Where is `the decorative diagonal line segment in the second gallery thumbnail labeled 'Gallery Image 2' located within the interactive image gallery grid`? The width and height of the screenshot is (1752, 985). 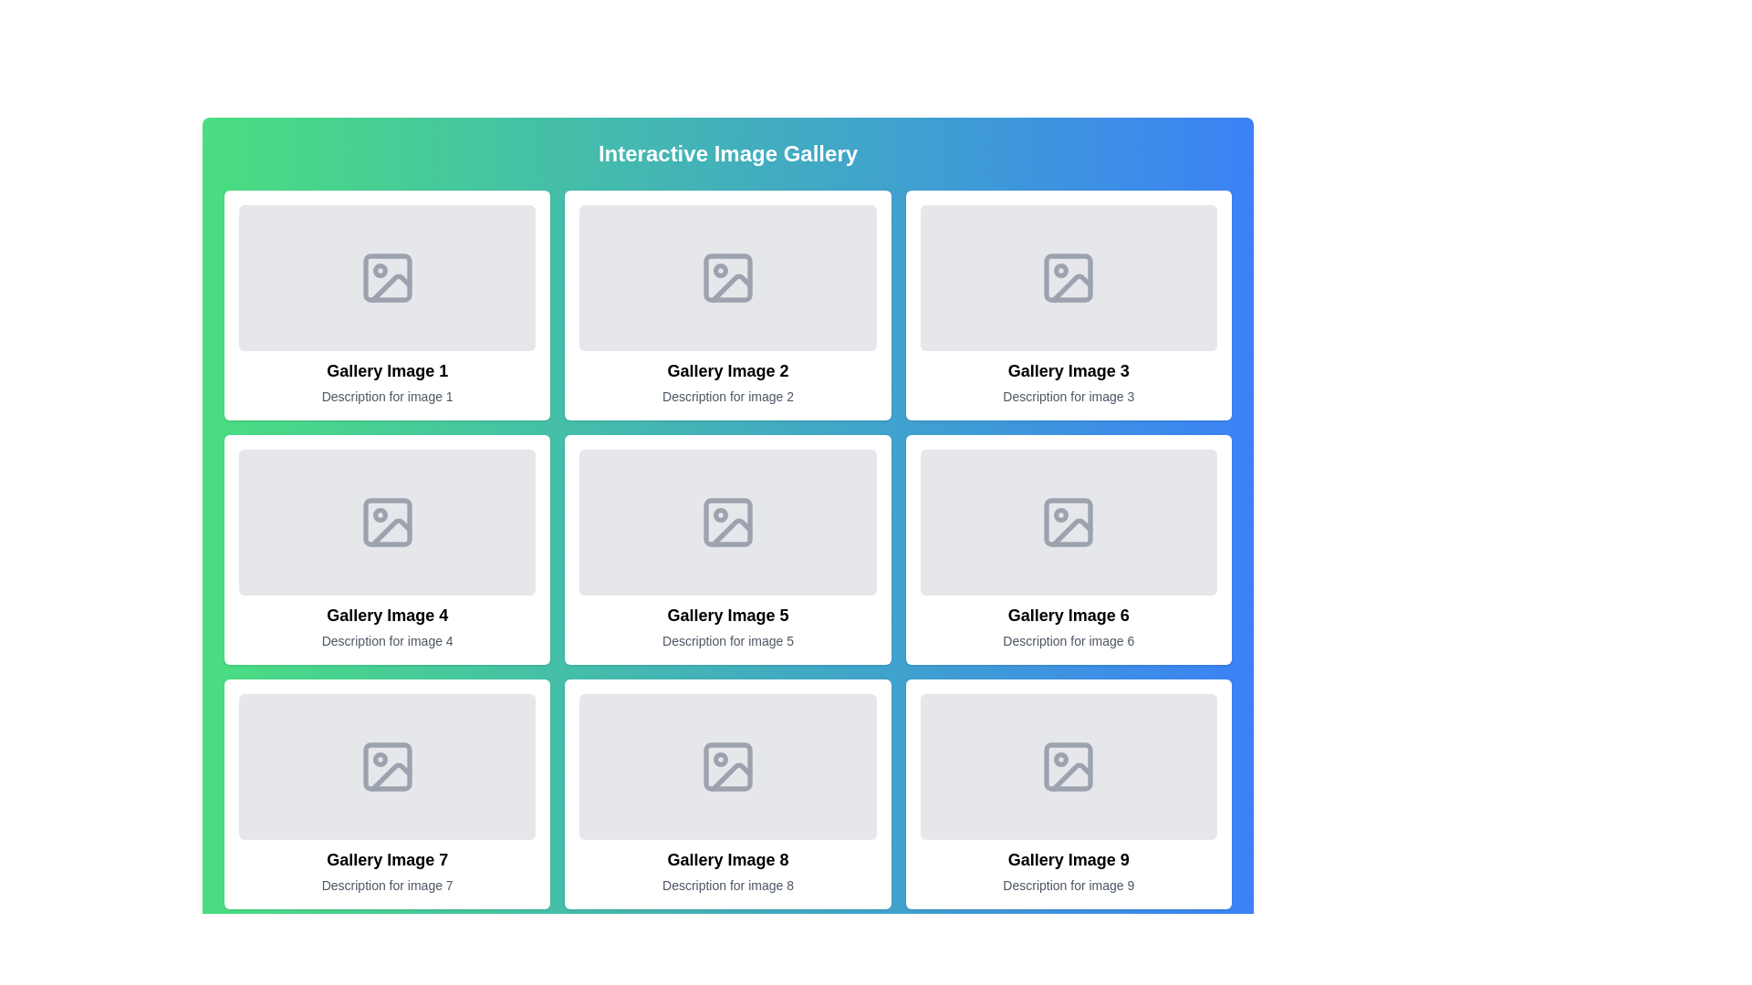
the decorative diagonal line segment in the second gallery thumbnail labeled 'Gallery Image 2' located within the interactive image gallery grid is located at coordinates (731, 287).